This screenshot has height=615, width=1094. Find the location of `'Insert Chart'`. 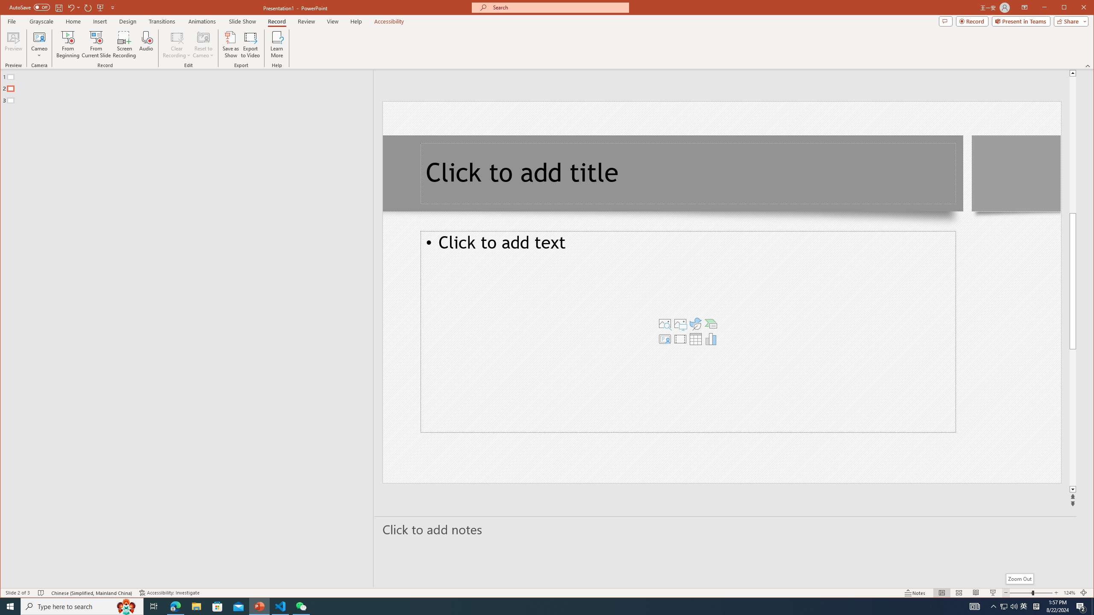

'Insert Chart' is located at coordinates (711, 338).